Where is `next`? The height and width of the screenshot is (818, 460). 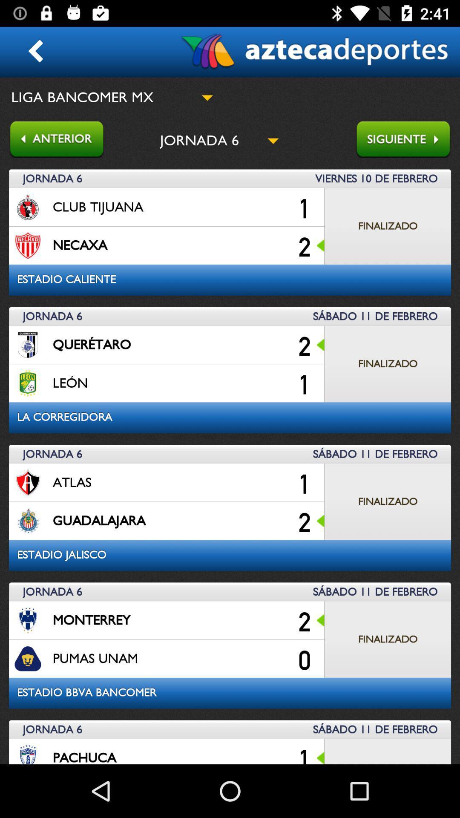
next is located at coordinates (407, 140).